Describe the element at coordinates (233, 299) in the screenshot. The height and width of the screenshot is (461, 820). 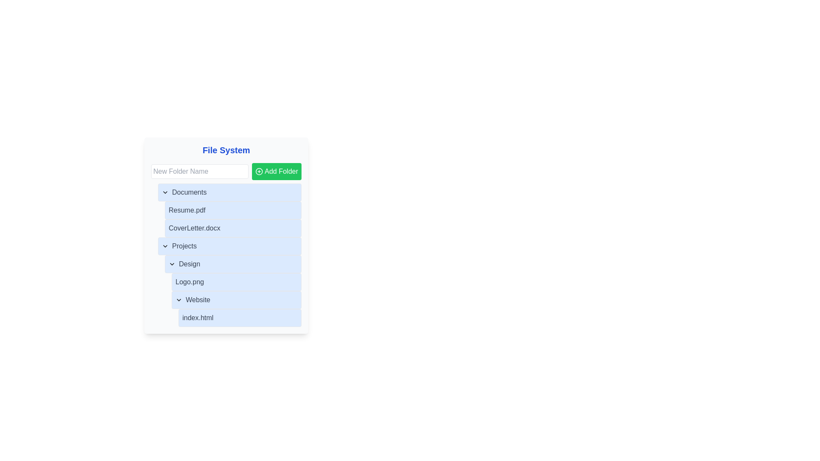
I see `the 'Website' toggleable list item with a blue background and rounded borders located under 'Logo.png'` at that location.